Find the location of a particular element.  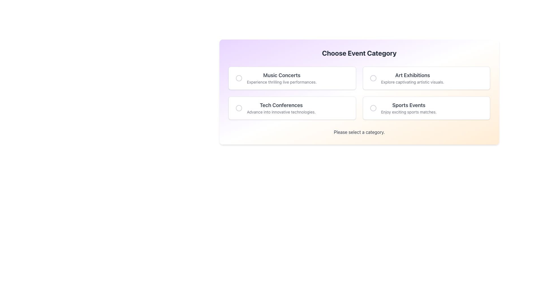

the bold text block displaying the title 'Art Exhibitions' in dark gray color, which is positioned at the top-right section of the second option card for selecting an event category is located at coordinates (413, 75).